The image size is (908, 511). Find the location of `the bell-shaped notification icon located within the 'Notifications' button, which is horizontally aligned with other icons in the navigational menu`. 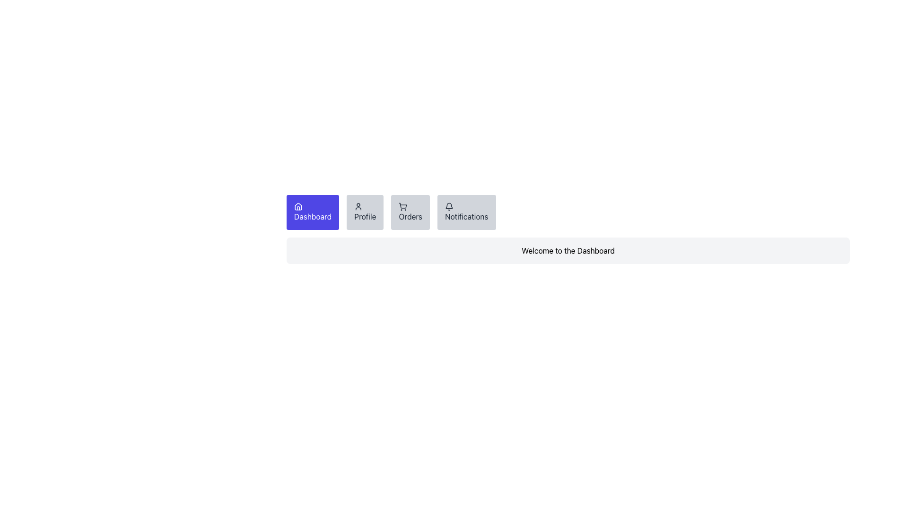

the bell-shaped notification icon located within the 'Notifications' button, which is horizontally aligned with other icons in the navigational menu is located at coordinates (449, 206).